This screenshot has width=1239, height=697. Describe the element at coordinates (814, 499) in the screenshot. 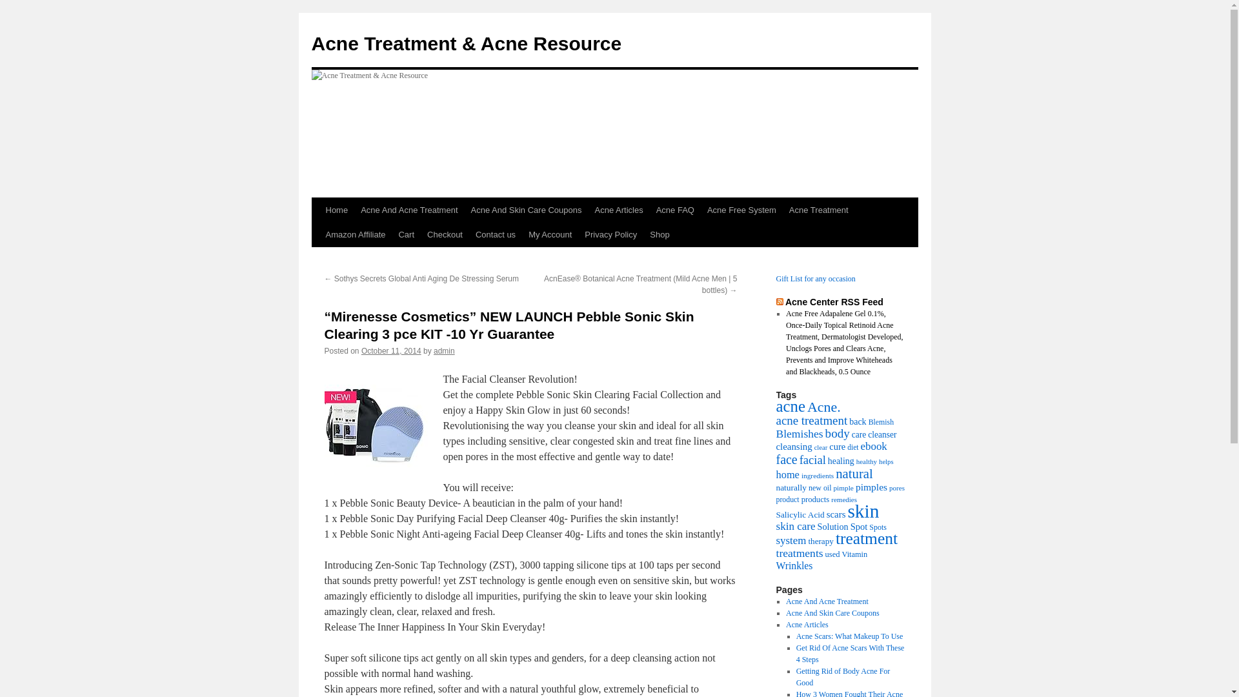

I see `'products'` at that location.